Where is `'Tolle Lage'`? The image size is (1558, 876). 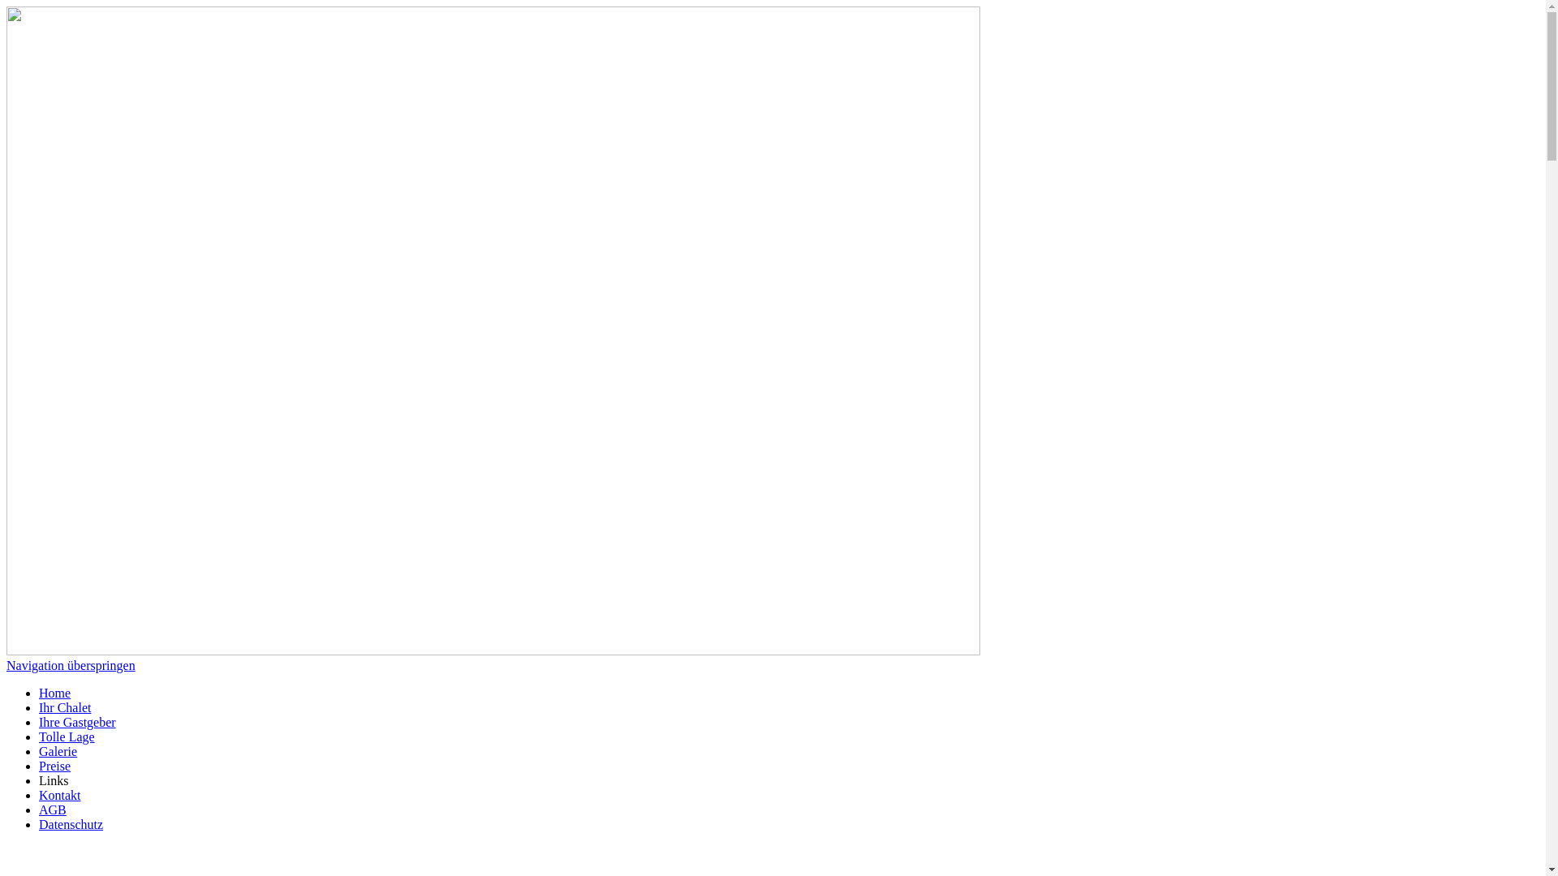
'Tolle Lage' is located at coordinates (39, 736).